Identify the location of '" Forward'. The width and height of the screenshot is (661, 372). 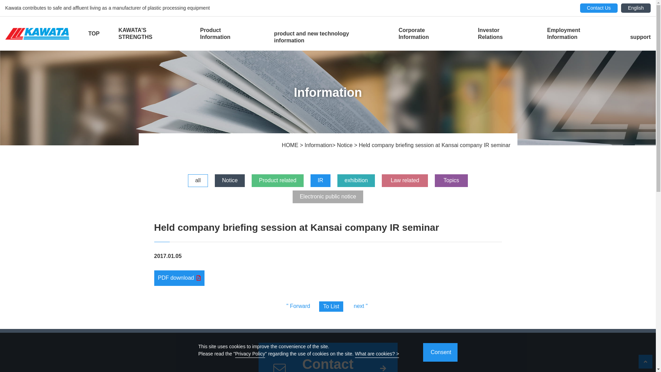
(298, 306).